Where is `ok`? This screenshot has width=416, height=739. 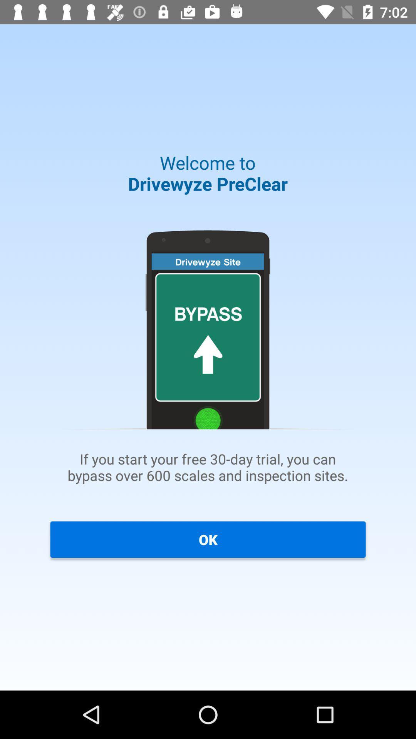 ok is located at coordinates (208, 539).